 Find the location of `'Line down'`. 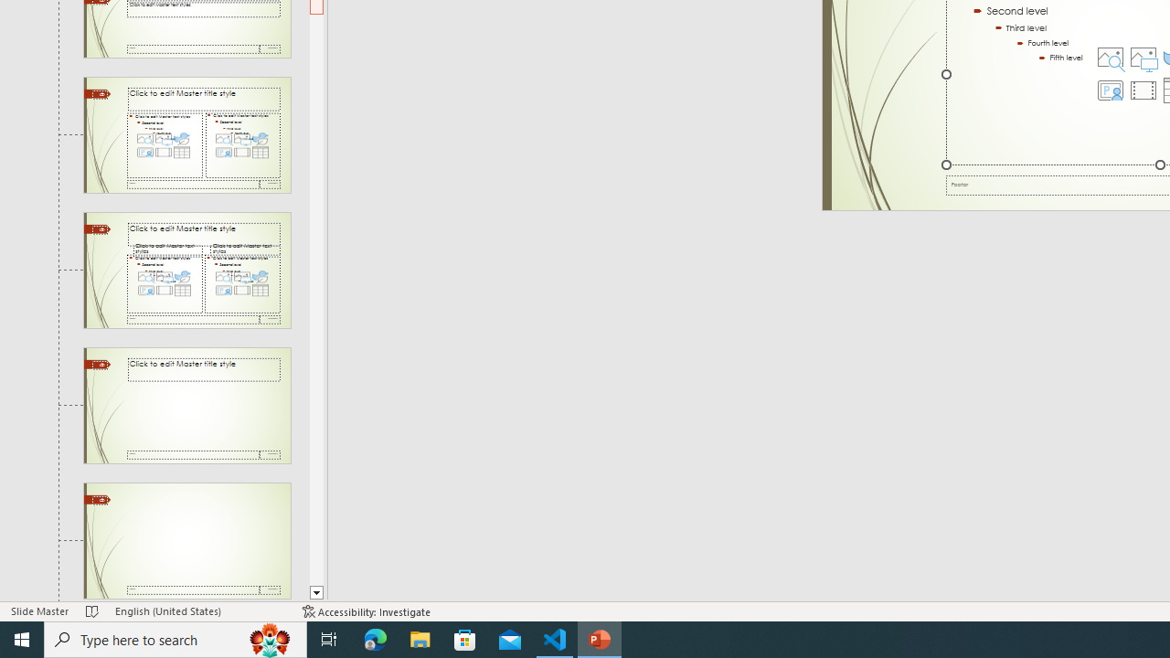

'Line down' is located at coordinates (316, 593).